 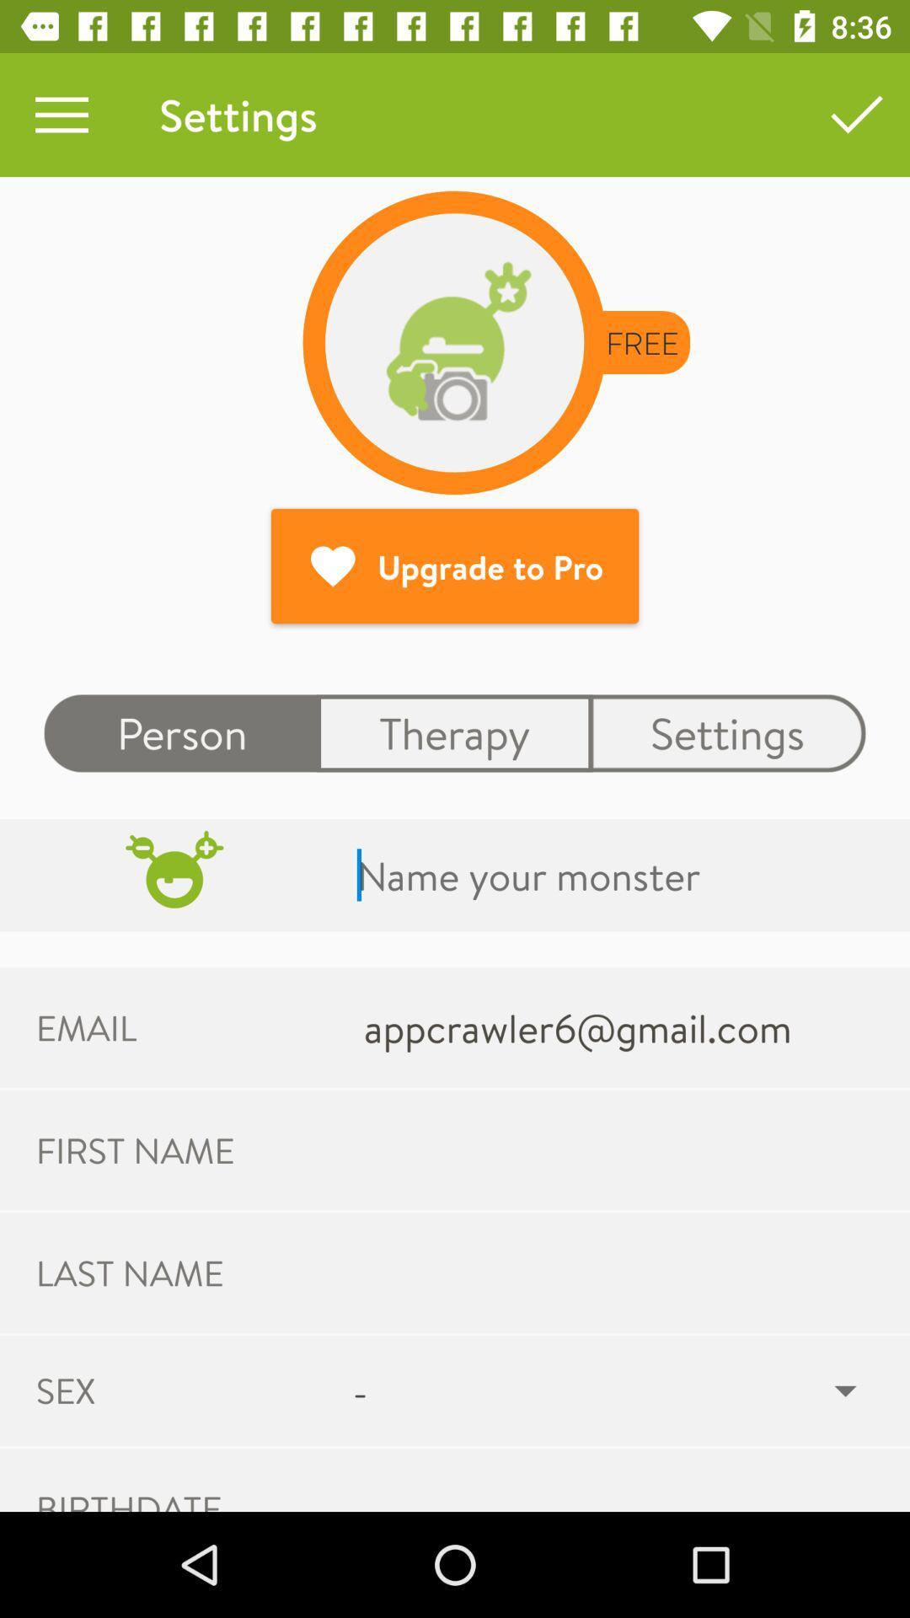 I want to click on text box option, so click(x=617, y=875).